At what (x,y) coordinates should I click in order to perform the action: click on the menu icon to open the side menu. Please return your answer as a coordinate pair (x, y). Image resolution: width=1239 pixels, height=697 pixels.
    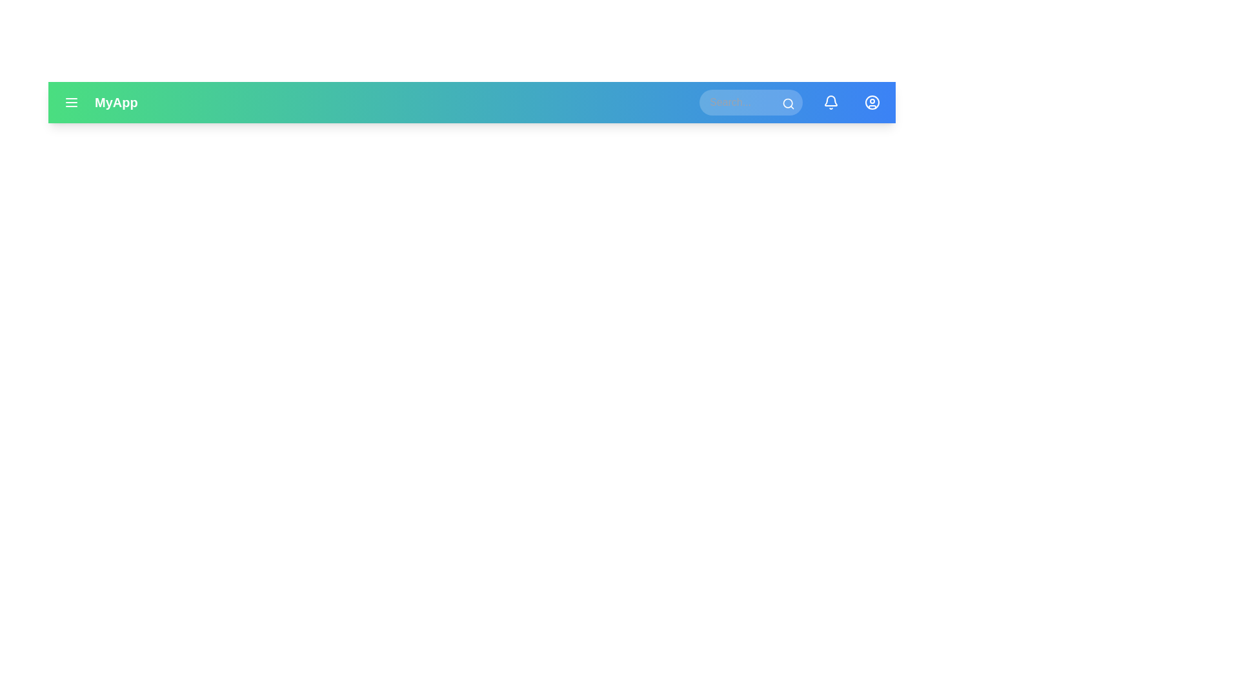
    Looking at the image, I should click on (70, 101).